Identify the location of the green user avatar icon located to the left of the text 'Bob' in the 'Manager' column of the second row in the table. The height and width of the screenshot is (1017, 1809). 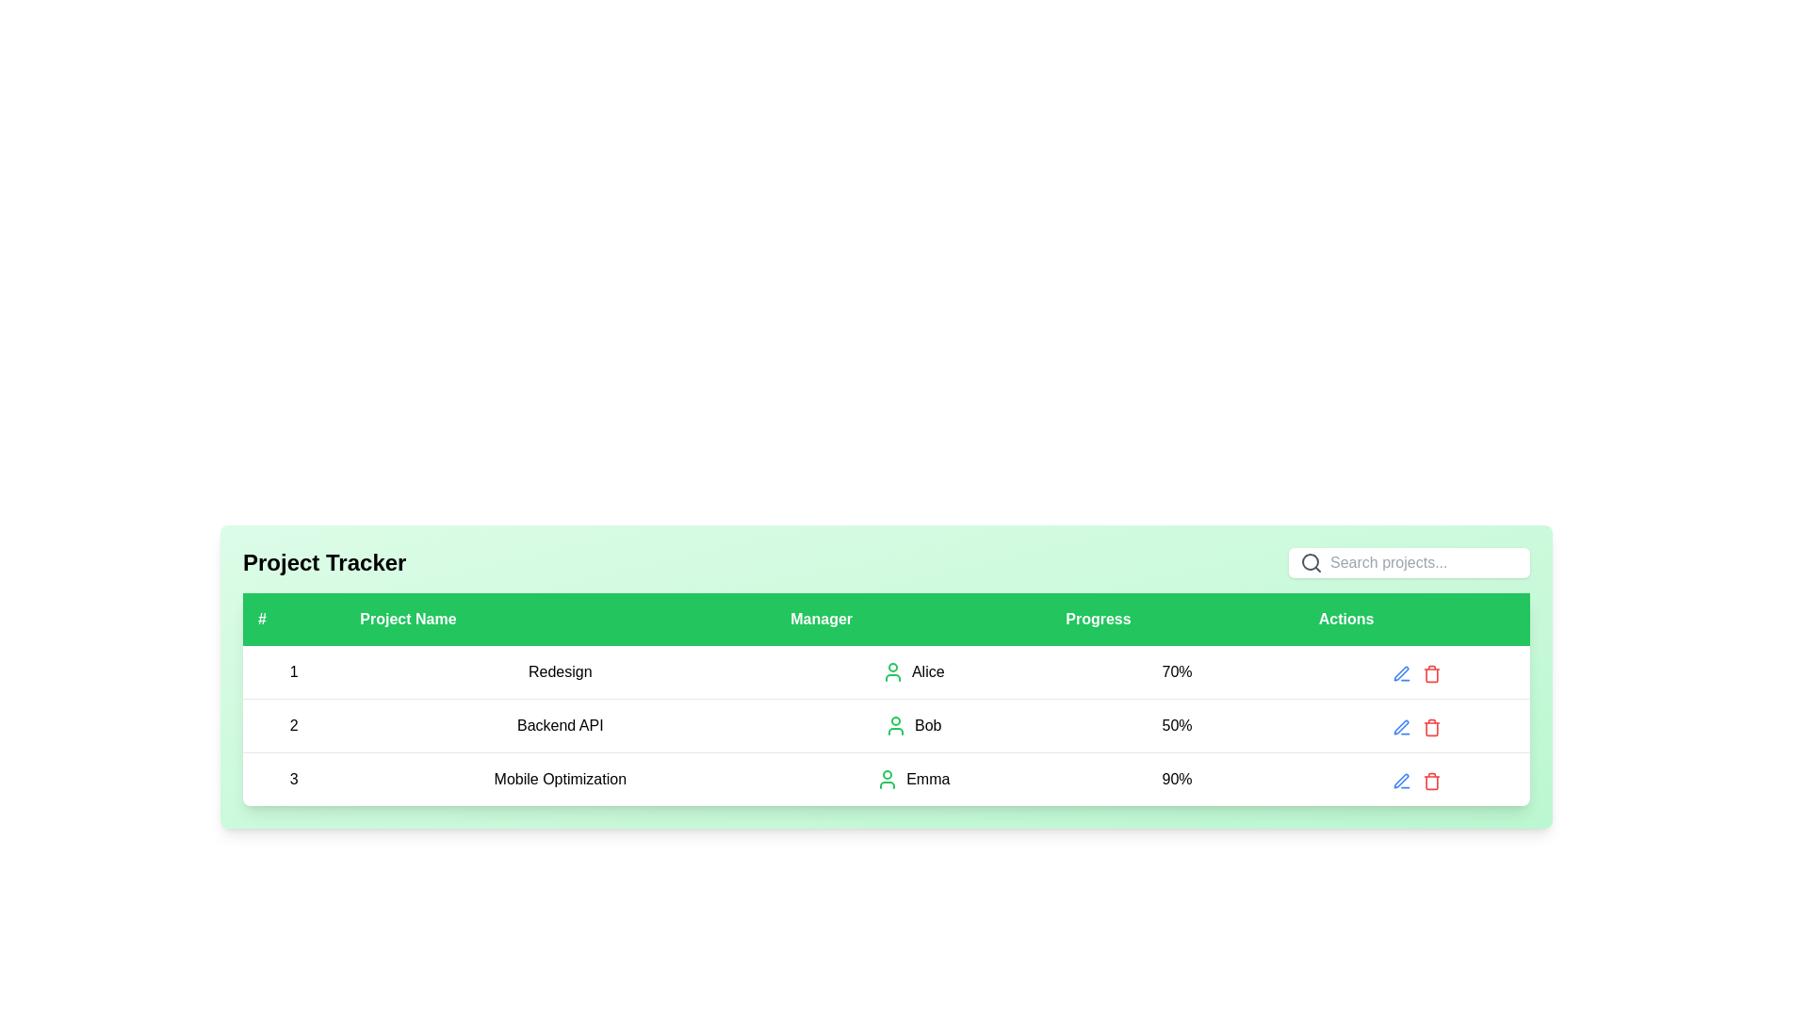
(894, 725).